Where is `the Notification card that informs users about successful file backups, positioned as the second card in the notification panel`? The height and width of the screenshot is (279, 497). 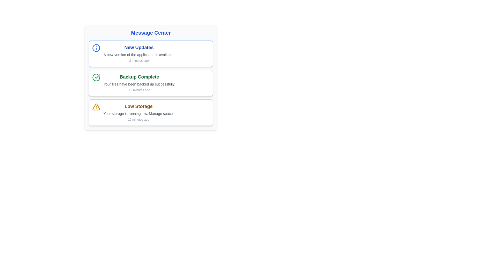 the Notification card that informs users about successful file backups, positioned as the second card in the notification panel is located at coordinates (150, 83).